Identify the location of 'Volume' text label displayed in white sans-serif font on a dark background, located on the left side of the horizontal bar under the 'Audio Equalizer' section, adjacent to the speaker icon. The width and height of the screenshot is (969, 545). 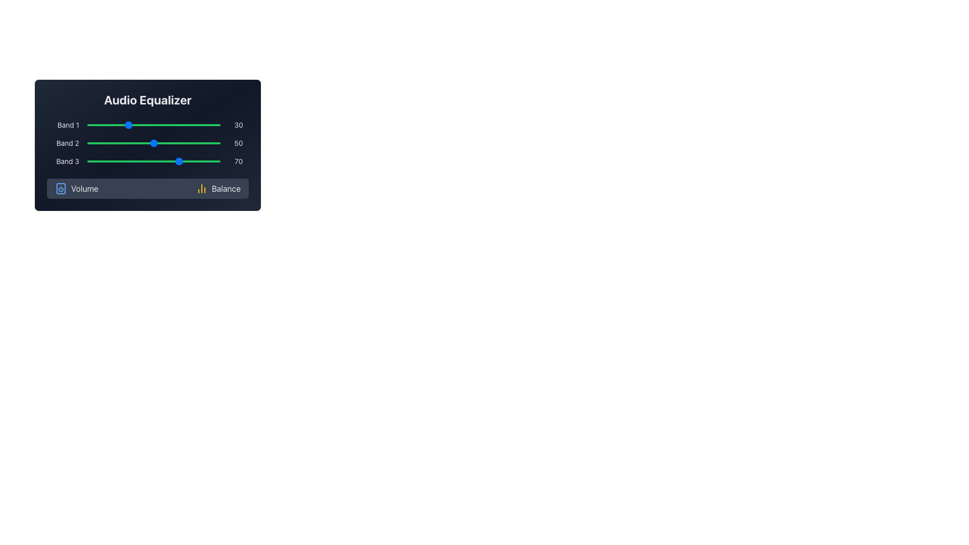
(85, 189).